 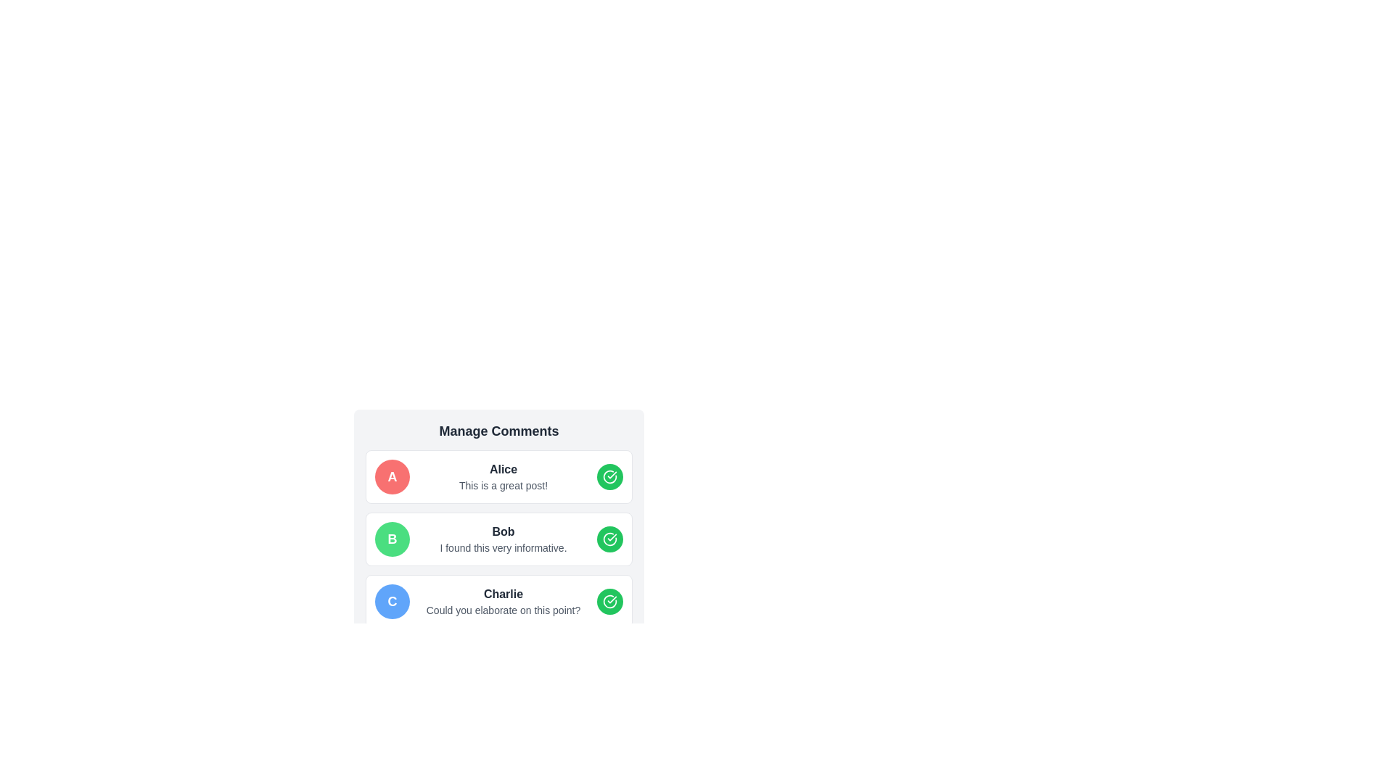 I want to click on the circular green checkmark icon with a white checkmark inside, located to the right of the user comment labeled 'Bob', so click(x=609, y=601).